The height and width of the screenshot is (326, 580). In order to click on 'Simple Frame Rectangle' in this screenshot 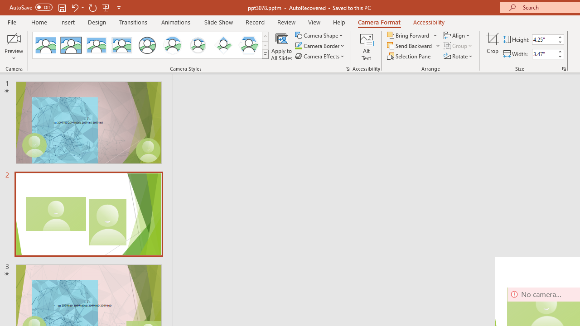, I will do `click(71, 45)`.